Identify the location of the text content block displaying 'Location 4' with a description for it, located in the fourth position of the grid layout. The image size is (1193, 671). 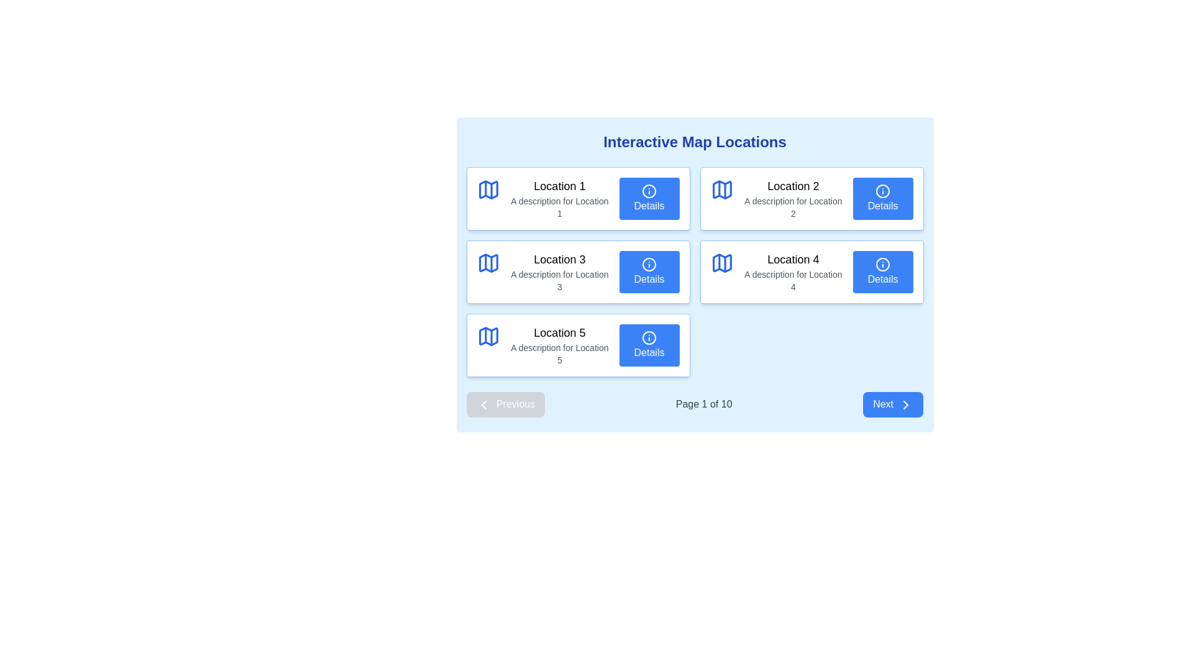
(792, 272).